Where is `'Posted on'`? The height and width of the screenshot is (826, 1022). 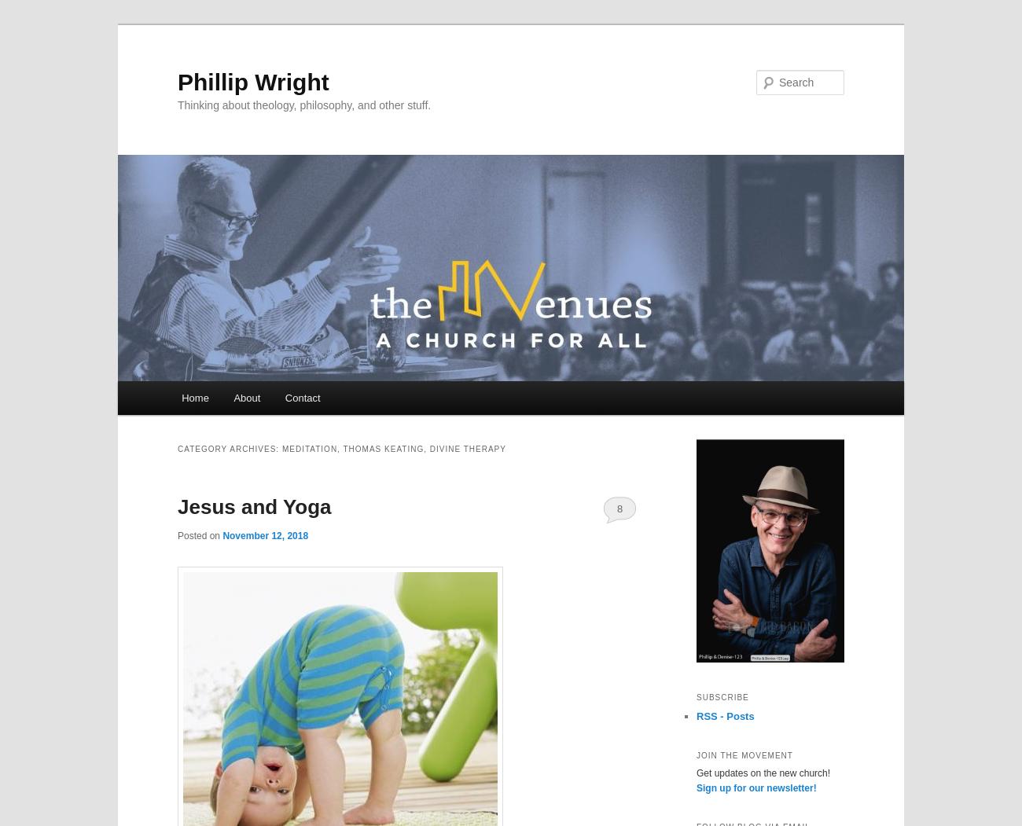
'Posted on' is located at coordinates (199, 535).